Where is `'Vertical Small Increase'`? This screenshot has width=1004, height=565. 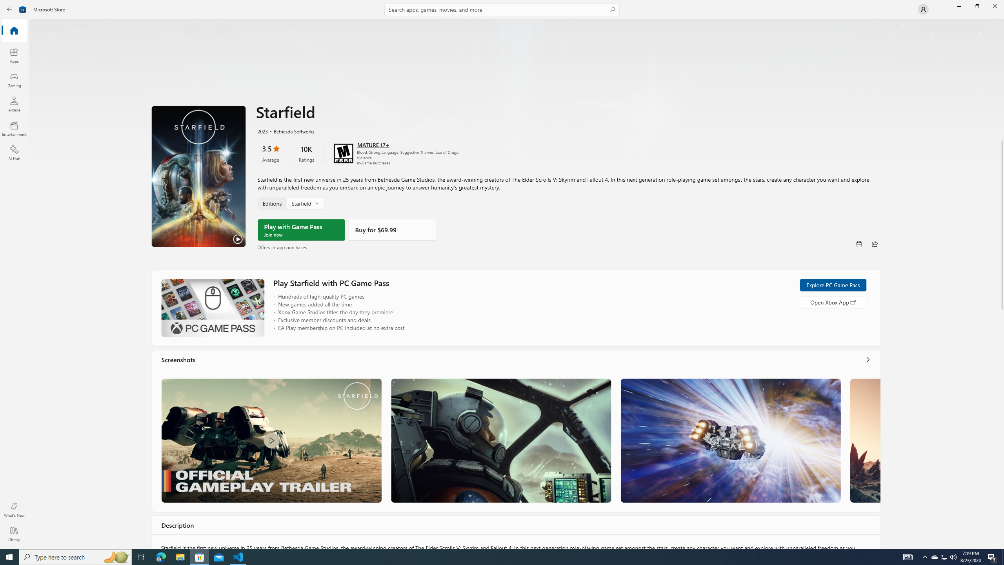 'Vertical Small Increase' is located at coordinates (1001, 547).